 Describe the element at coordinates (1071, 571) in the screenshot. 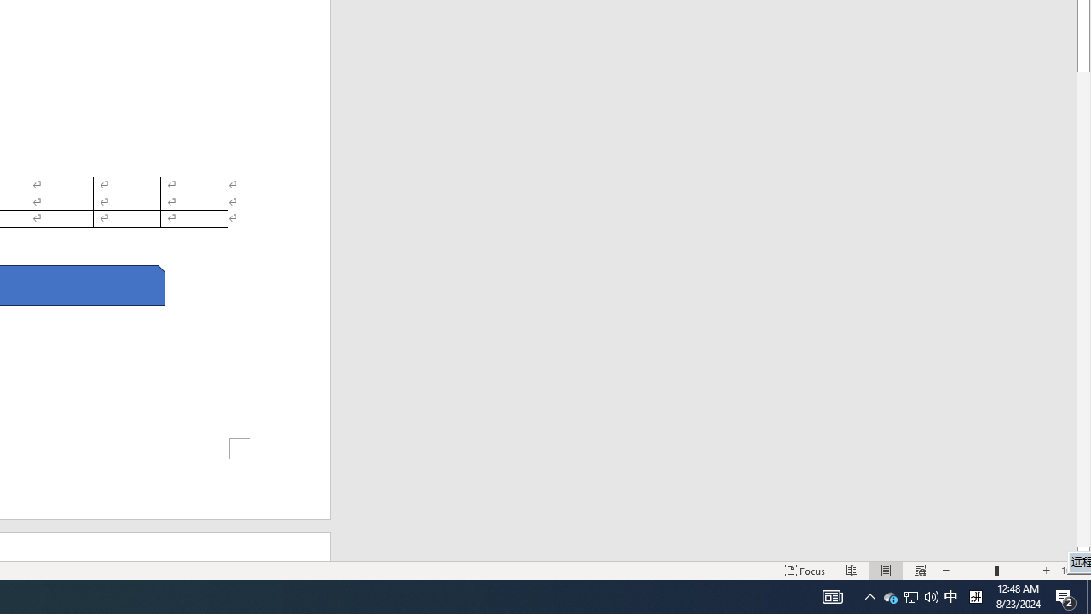

I see `'Zoom 100%'` at that location.